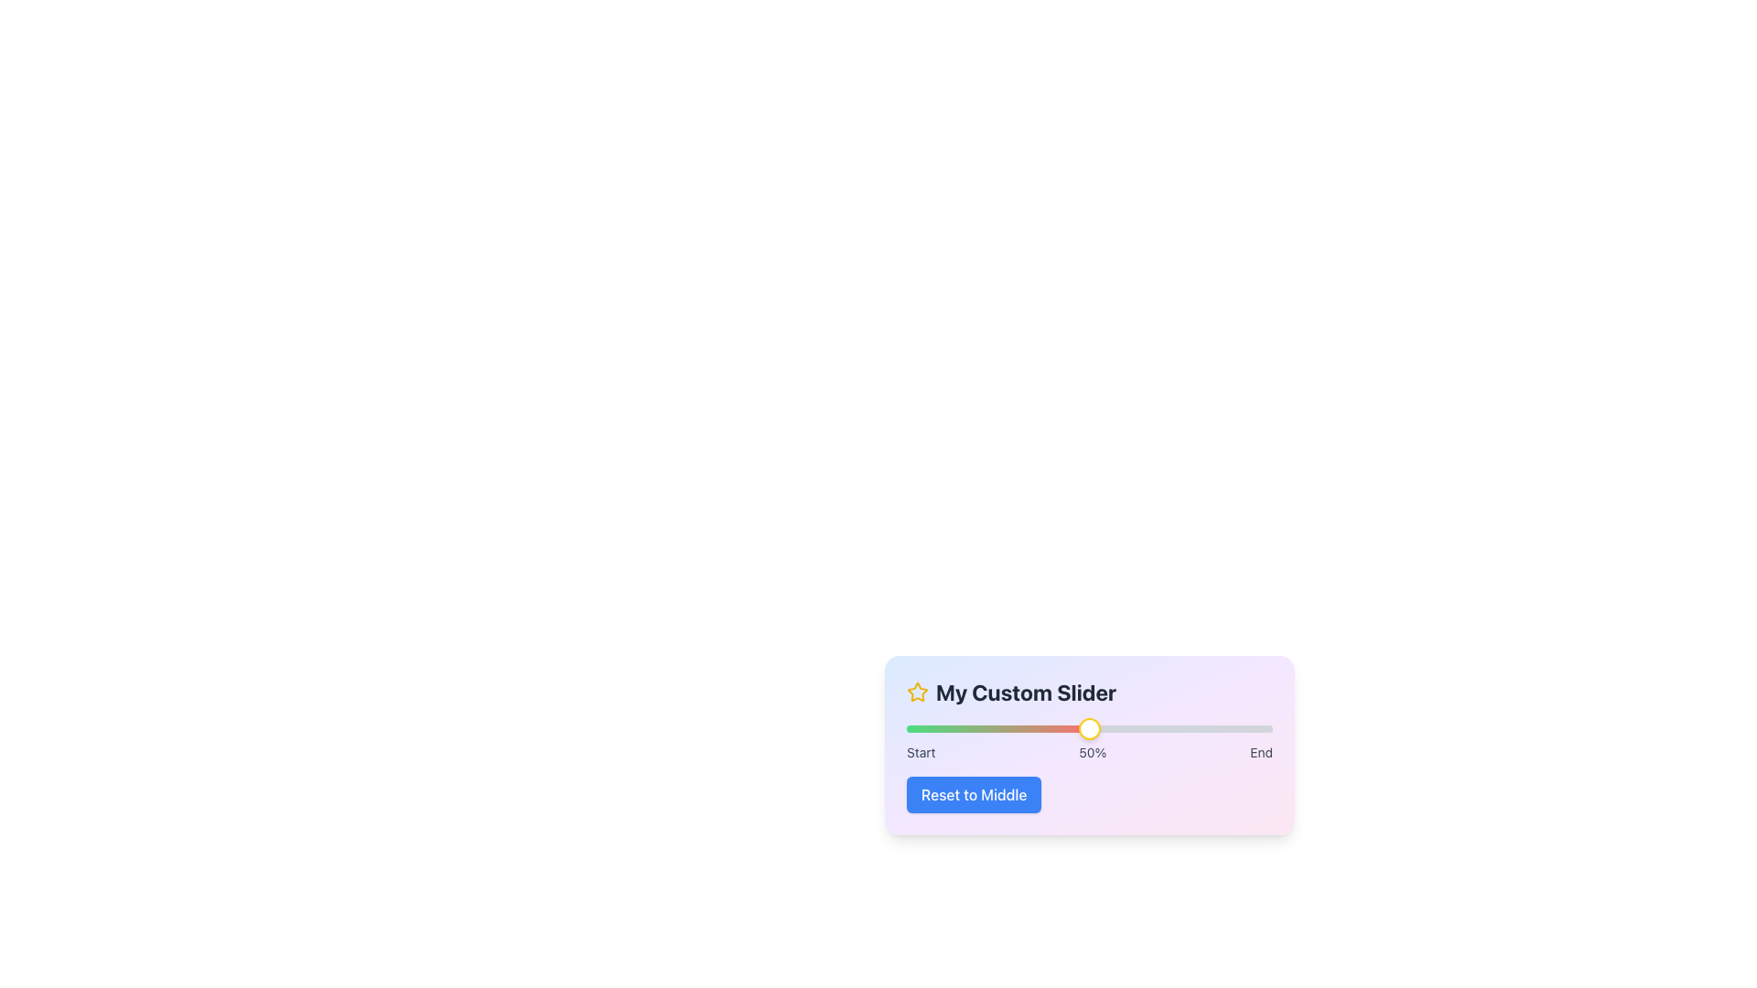 This screenshot has width=1757, height=988. I want to click on the slider, so click(975, 728).